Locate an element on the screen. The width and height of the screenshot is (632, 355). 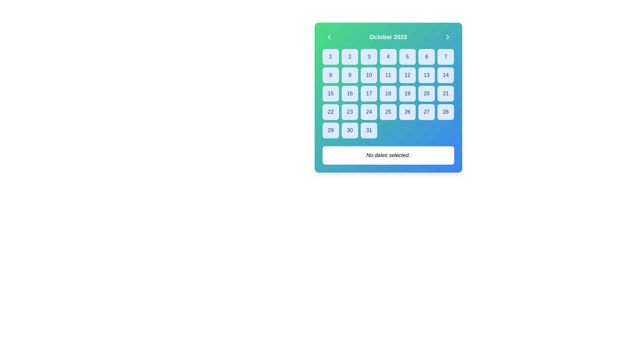
a date within the compact calendar widget displaying October 2023 is located at coordinates (388, 98).